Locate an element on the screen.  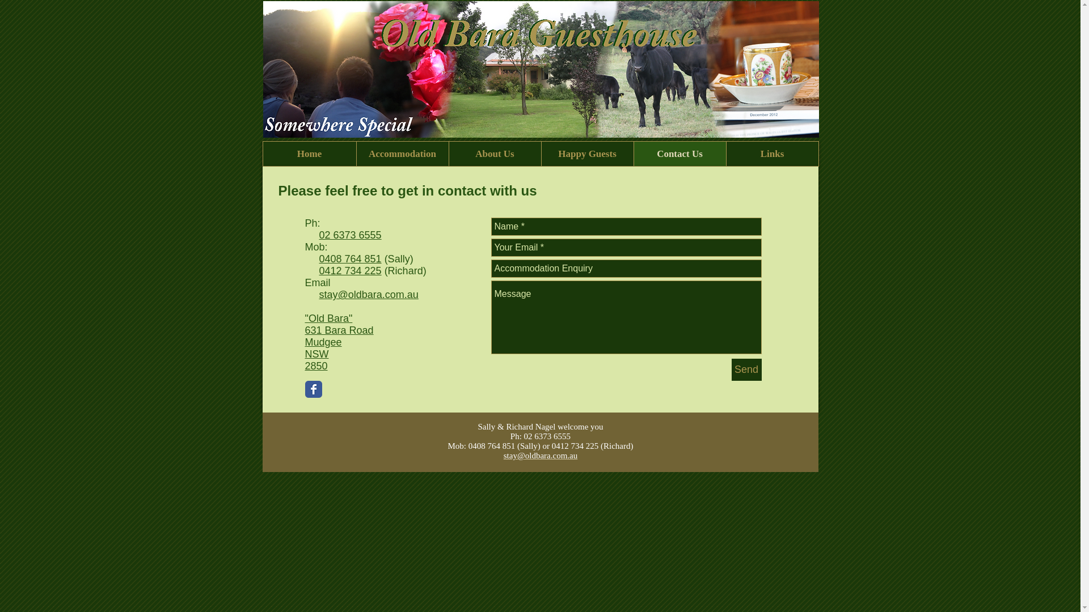
'631 Bara Road' is located at coordinates (305, 330).